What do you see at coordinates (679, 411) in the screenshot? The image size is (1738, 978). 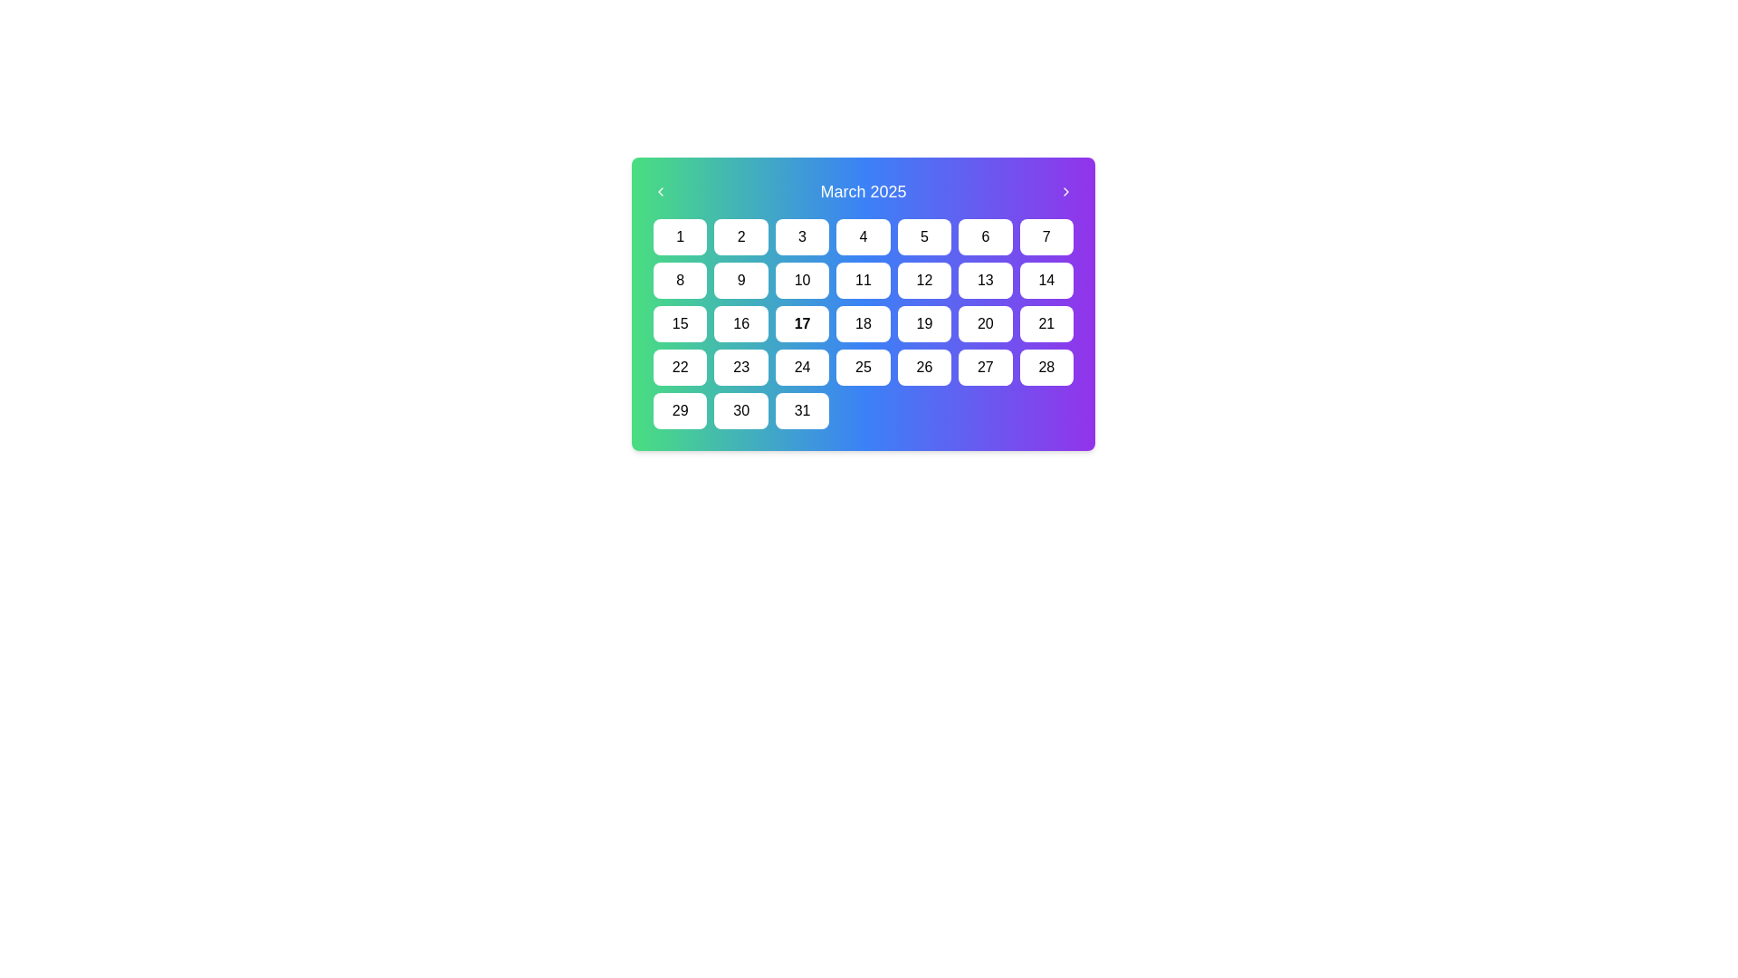 I see `the rectangular button labeled '29' with a white background and black text` at bounding box center [679, 411].